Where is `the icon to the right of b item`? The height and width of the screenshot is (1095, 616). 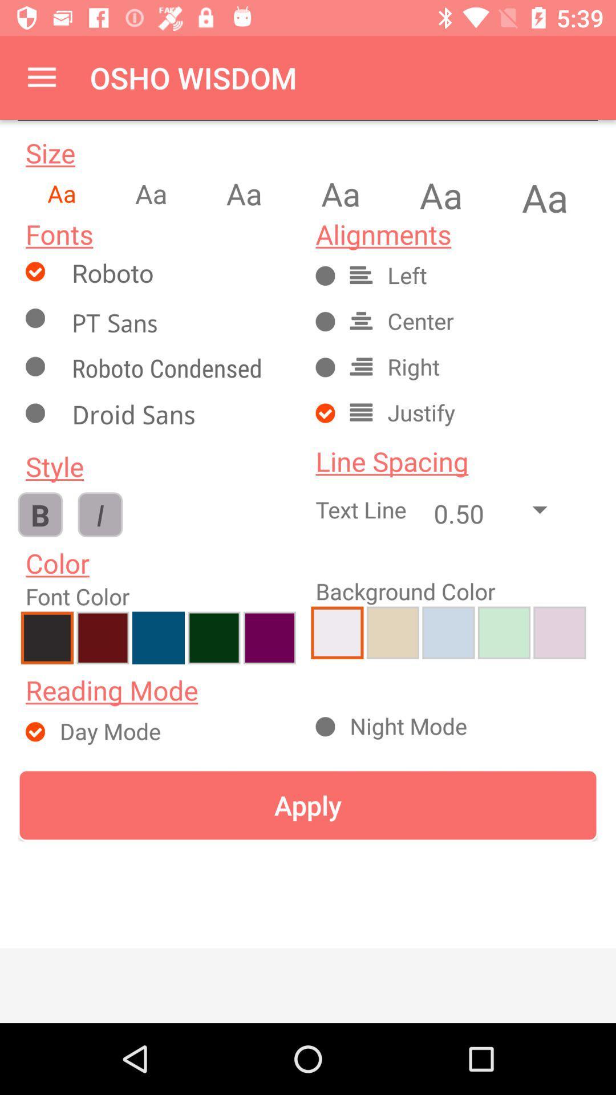
the icon to the right of b item is located at coordinates (99, 514).